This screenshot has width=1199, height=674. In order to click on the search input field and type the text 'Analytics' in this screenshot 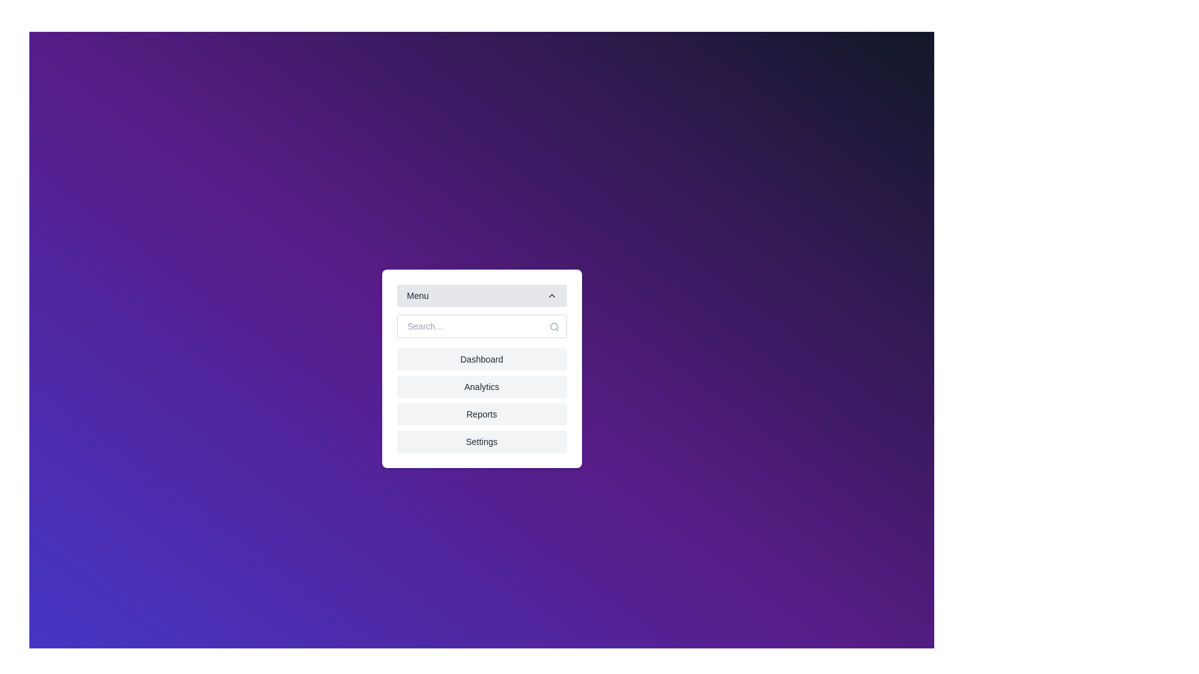, I will do `click(481, 326)`.